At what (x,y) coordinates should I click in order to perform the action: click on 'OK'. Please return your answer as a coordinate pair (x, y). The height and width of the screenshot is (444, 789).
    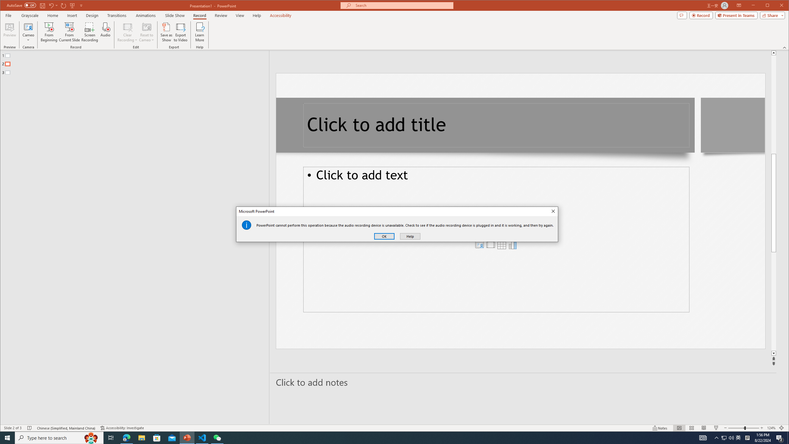
    Looking at the image, I should click on (384, 236).